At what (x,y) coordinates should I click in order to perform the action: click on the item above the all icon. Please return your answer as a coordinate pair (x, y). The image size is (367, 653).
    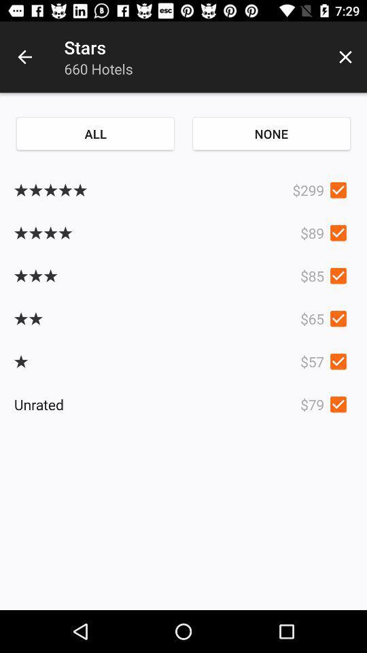
    Looking at the image, I should click on (24, 57).